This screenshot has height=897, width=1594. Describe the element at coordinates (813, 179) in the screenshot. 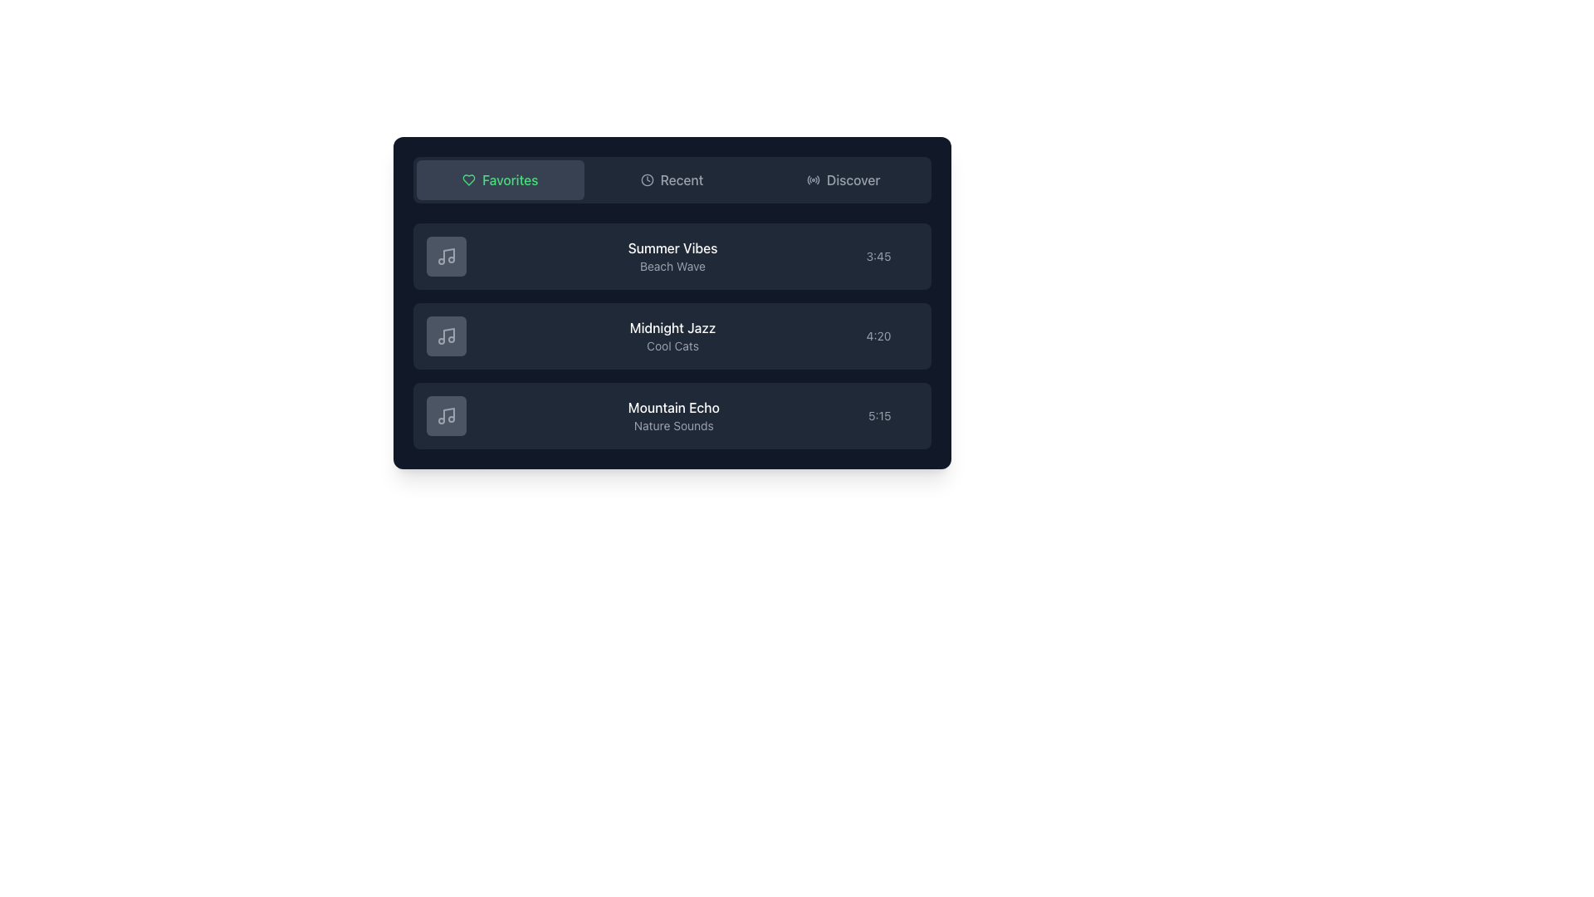

I see `the radio signal icon located to the left of the 'Discover' button in the top navigation bar` at that location.